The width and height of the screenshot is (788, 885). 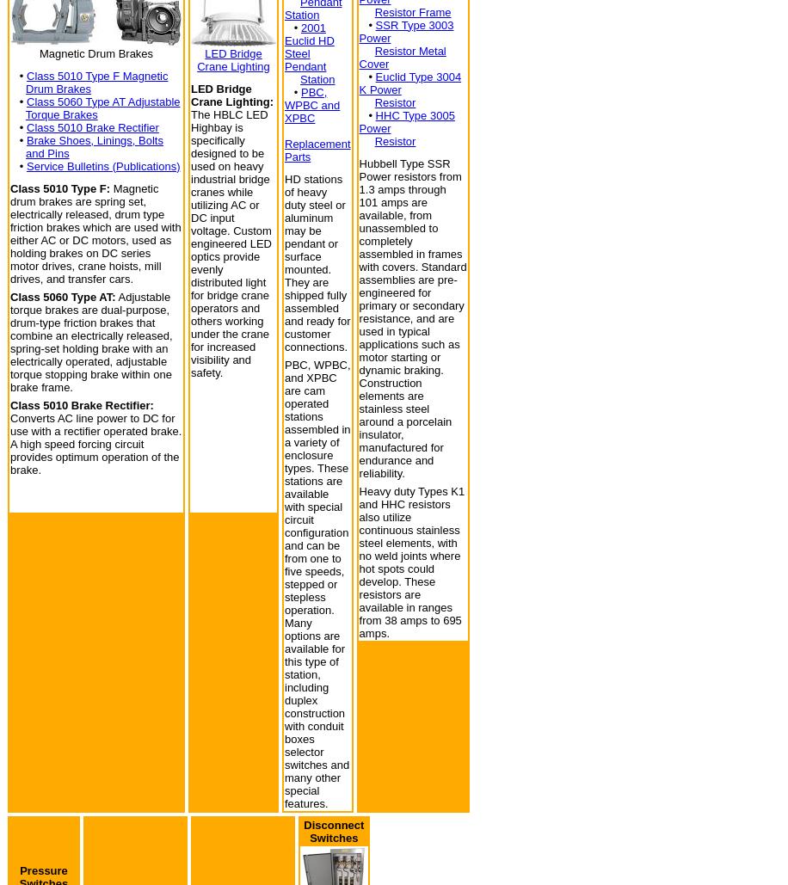 I want to click on 'The HBLC LED Highbay is specifically designed to be used on heavy industrial bridge cranes while utilizing AC or DC input voltage. Custom engineered LED optics provide evenly distributed light for bridge crane operators and others working under the crane for increased visibility and safety.', so click(x=231, y=242).